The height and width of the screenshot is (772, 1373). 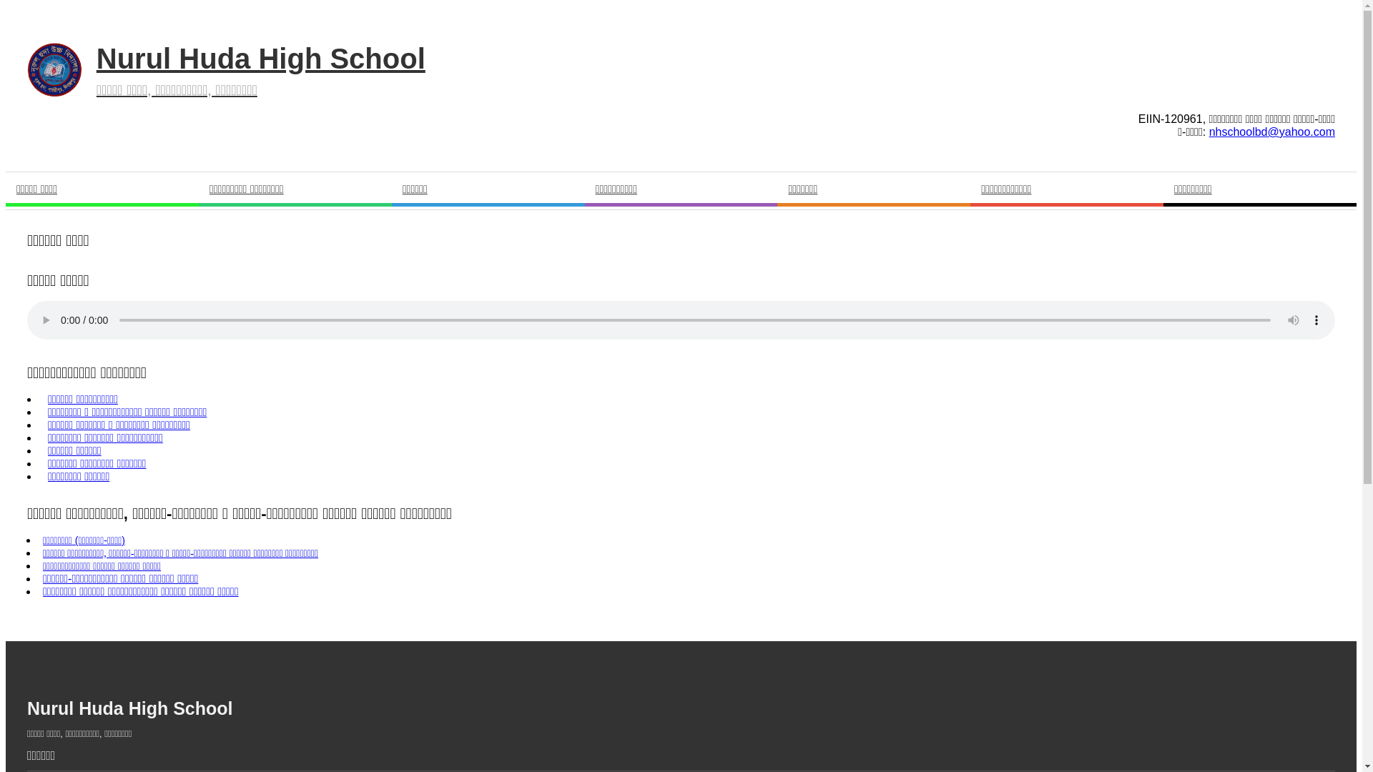 What do you see at coordinates (1208, 132) in the screenshot?
I see `'nhschoolbd@yahoo.com'` at bounding box center [1208, 132].